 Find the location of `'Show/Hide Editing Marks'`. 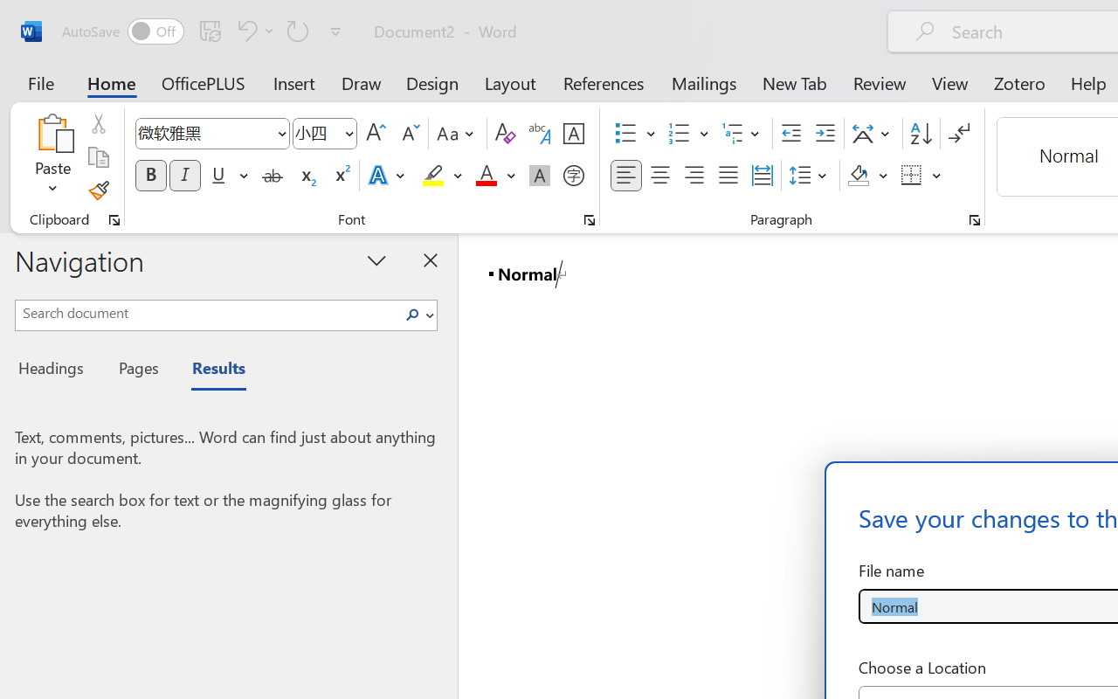

'Show/Hide Editing Marks' is located at coordinates (958, 134).